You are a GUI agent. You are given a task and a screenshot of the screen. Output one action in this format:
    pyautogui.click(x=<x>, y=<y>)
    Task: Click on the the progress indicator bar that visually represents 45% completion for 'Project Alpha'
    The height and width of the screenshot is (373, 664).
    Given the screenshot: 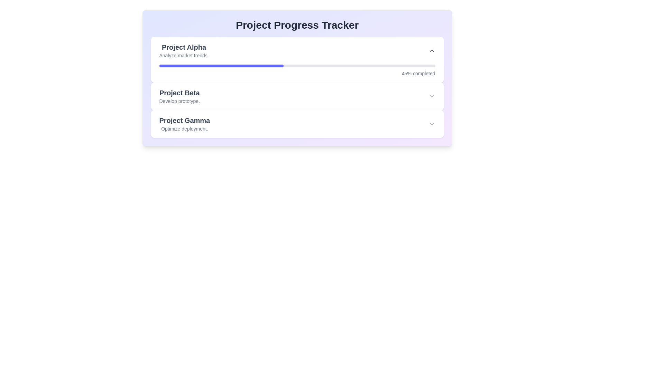 What is the action you would take?
    pyautogui.click(x=221, y=66)
    